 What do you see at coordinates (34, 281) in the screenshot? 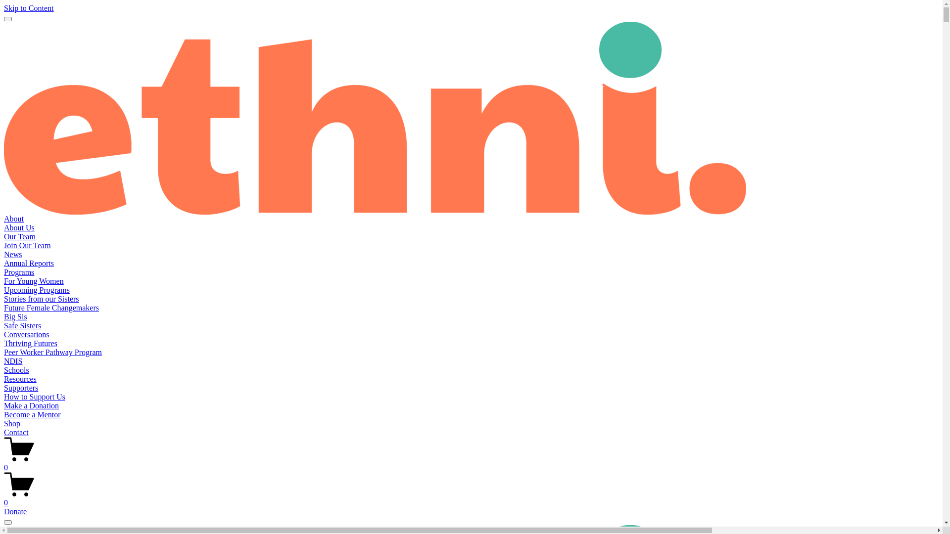
I see `'For Young Women'` at bounding box center [34, 281].